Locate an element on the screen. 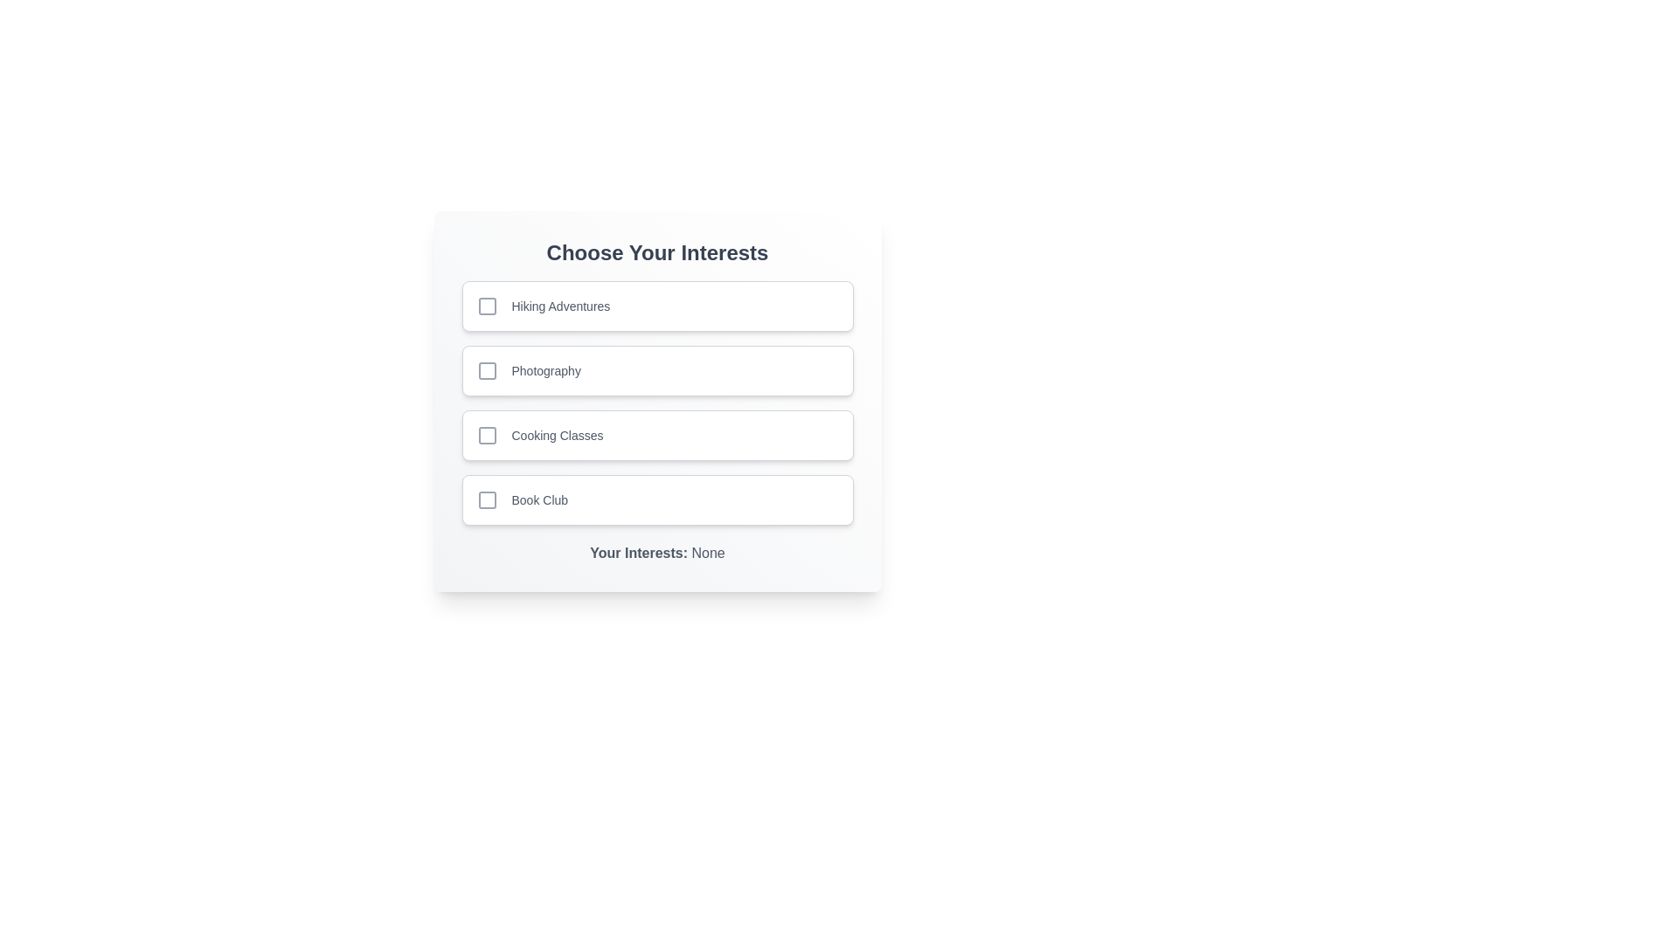 The image size is (1678, 943). the checkbox is located at coordinates (487, 306).